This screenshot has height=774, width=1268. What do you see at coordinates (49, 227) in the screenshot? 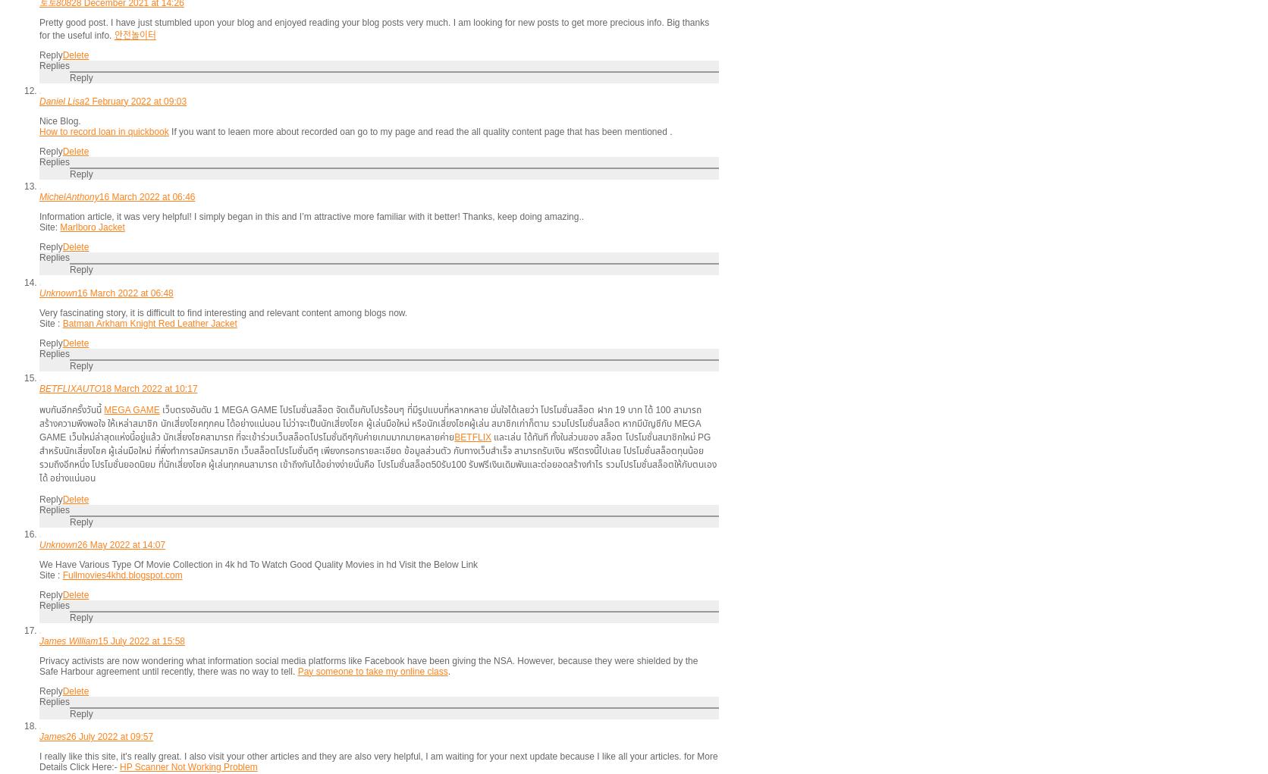
I see `'Site:'` at bounding box center [49, 227].